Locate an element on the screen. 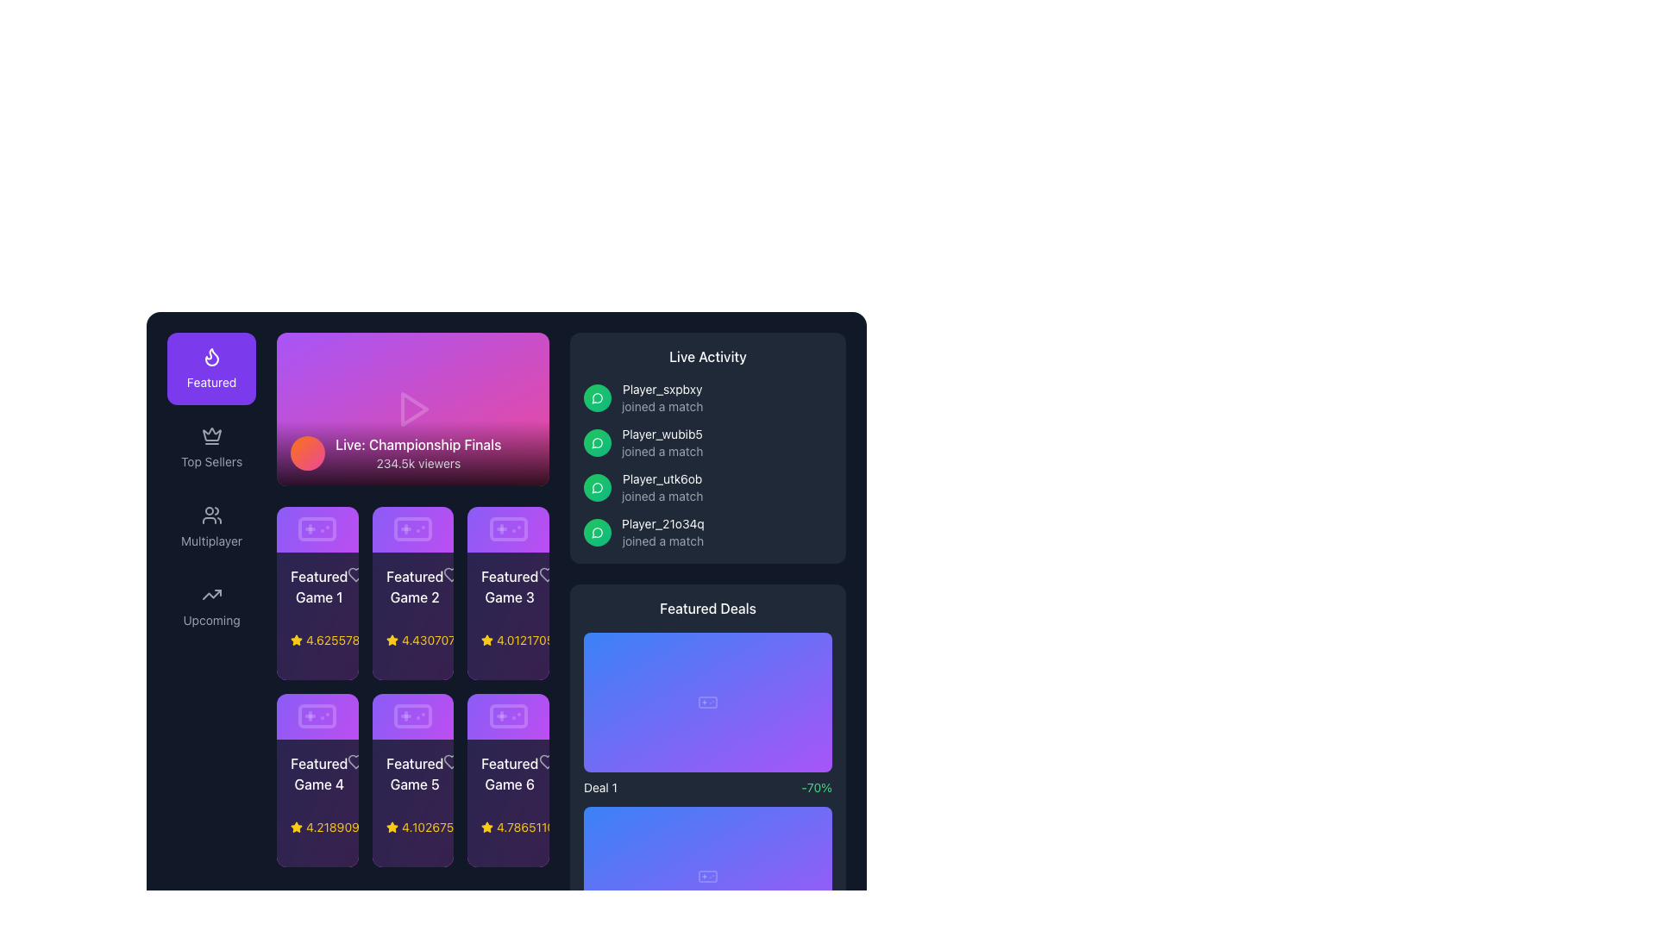  numerical rating value '4.012170588817811' displayed in yellow text next to the yellow star icon in the third rating indicator of the grid is located at coordinates (543, 640).